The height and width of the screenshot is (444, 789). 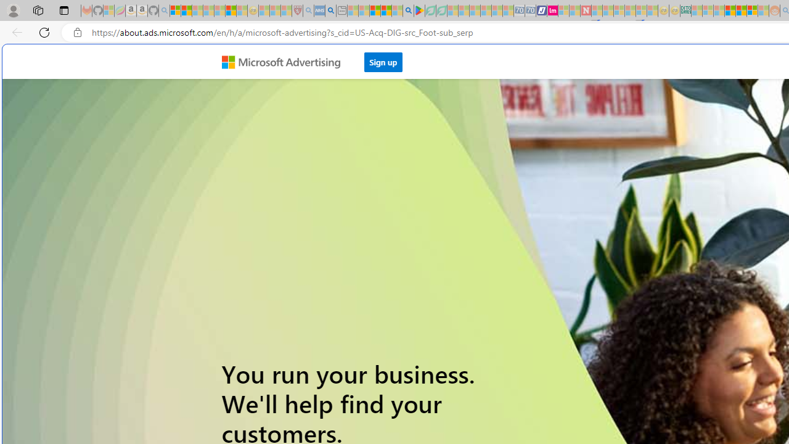 What do you see at coordinates (383, 62) in the screenshot?
I see `'Sign up'` at bounding box center [383, 62].